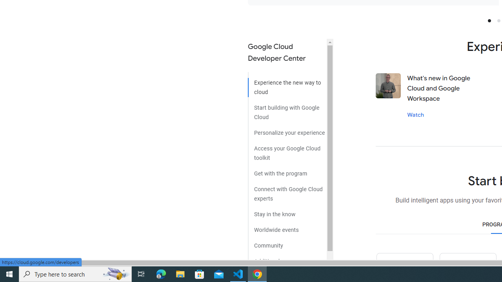  I want to click on 'Personalize your experience', so click(287, 129).